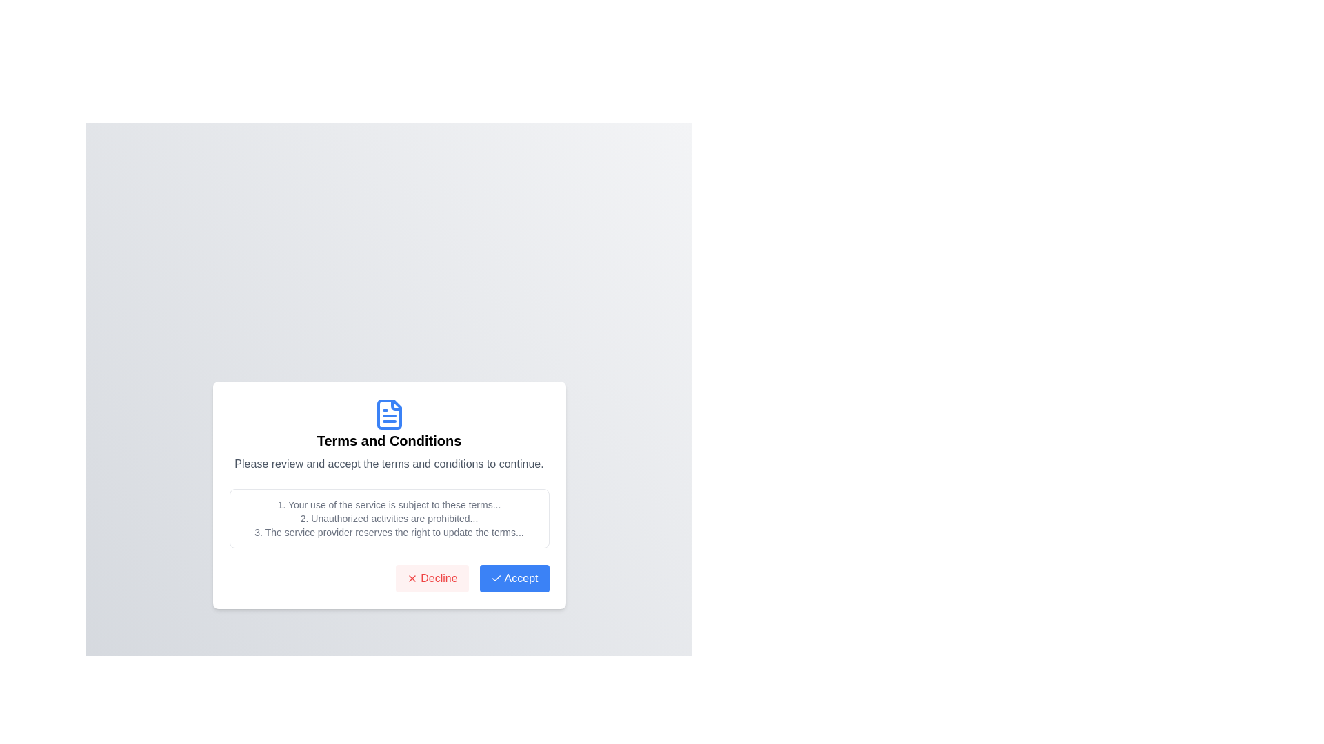  What do you see at coordinates (412, 579) in the screenshot?
I see `the red 'X' shaped icon on the left side of the 'Decline' button` at bounding box center [412, 579].